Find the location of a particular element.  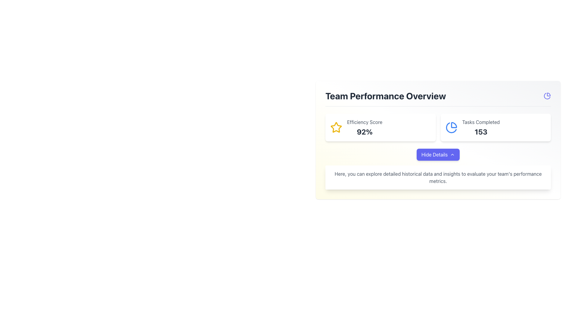

the informational Static Text located in the 'Team Performance Overview' section, positioned below the performance scores and 'Hide Details' button is located at coordinates (438, 177).